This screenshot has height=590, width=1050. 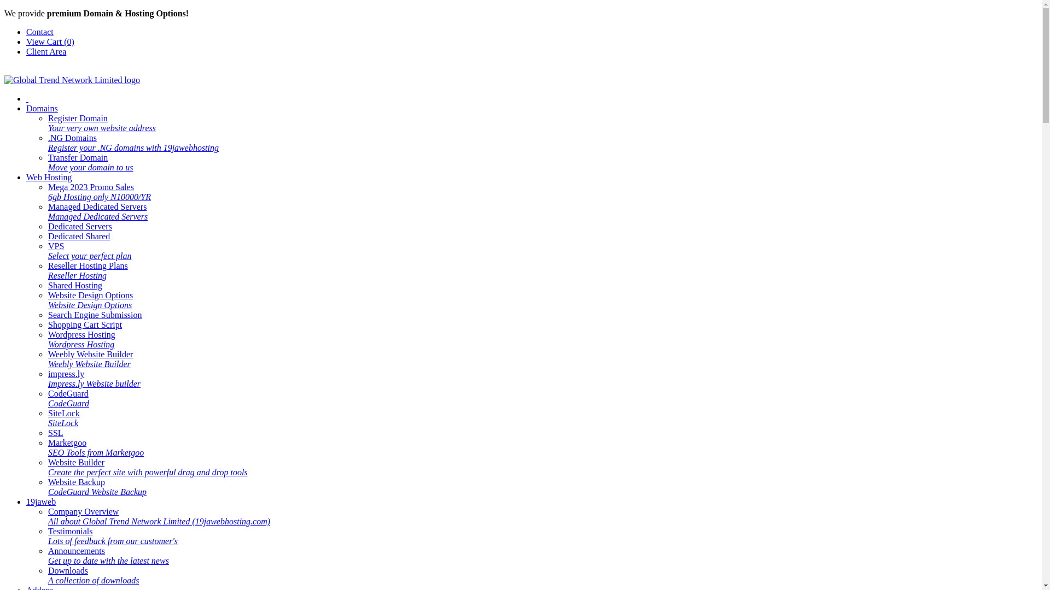 What do you see at coordinates (89, 251) in the screenshot?
I see `'VPS` at bounding box center [89, 251].